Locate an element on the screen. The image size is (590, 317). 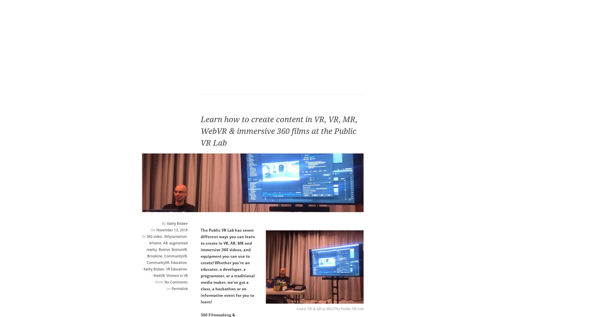
'360journalism' is located at coordinates (164, 237).